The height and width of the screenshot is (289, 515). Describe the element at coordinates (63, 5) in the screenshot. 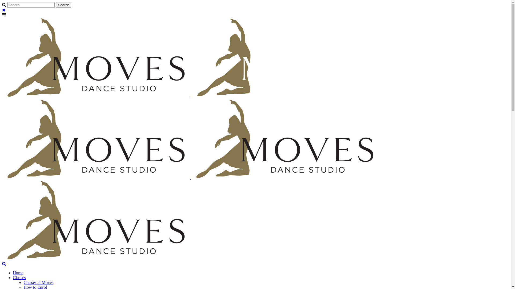

I see `'Search'` at that location.